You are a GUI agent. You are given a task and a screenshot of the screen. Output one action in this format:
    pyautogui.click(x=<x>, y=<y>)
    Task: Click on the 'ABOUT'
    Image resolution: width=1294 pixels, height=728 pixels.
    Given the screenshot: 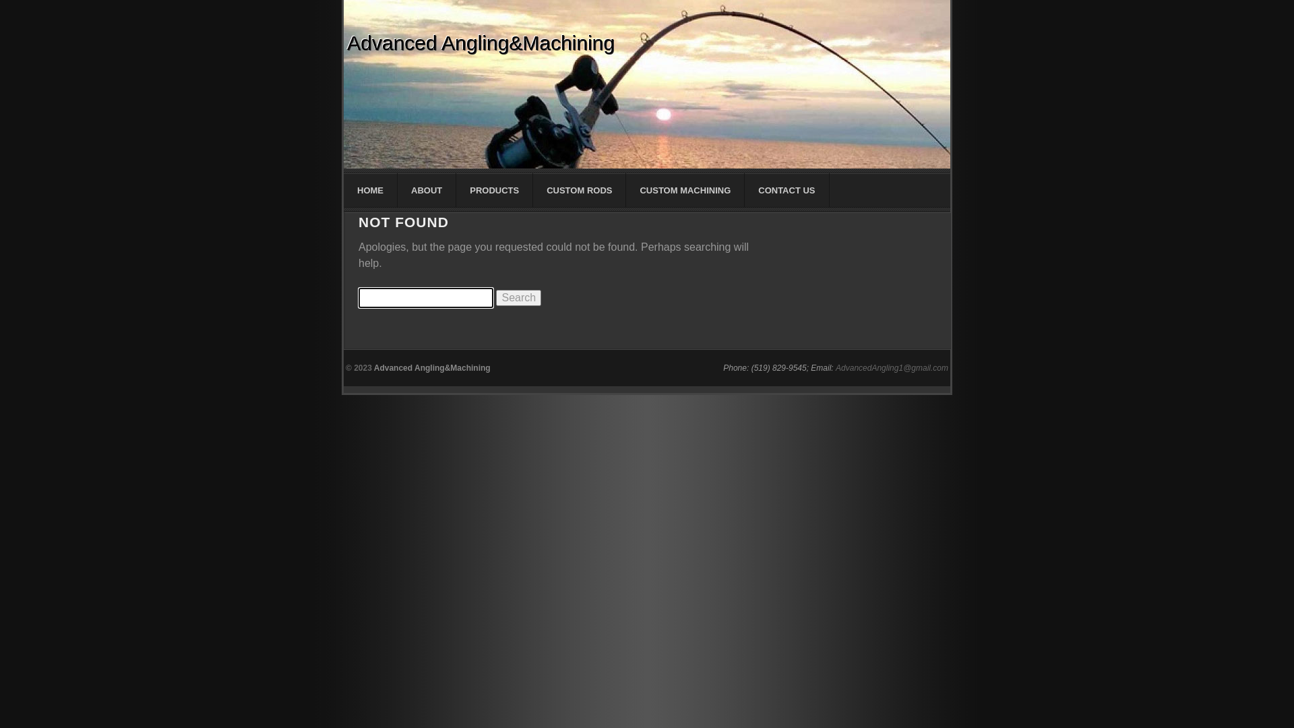 What is the action you would take?
    pyautogui.click(x=397, y=190)
    